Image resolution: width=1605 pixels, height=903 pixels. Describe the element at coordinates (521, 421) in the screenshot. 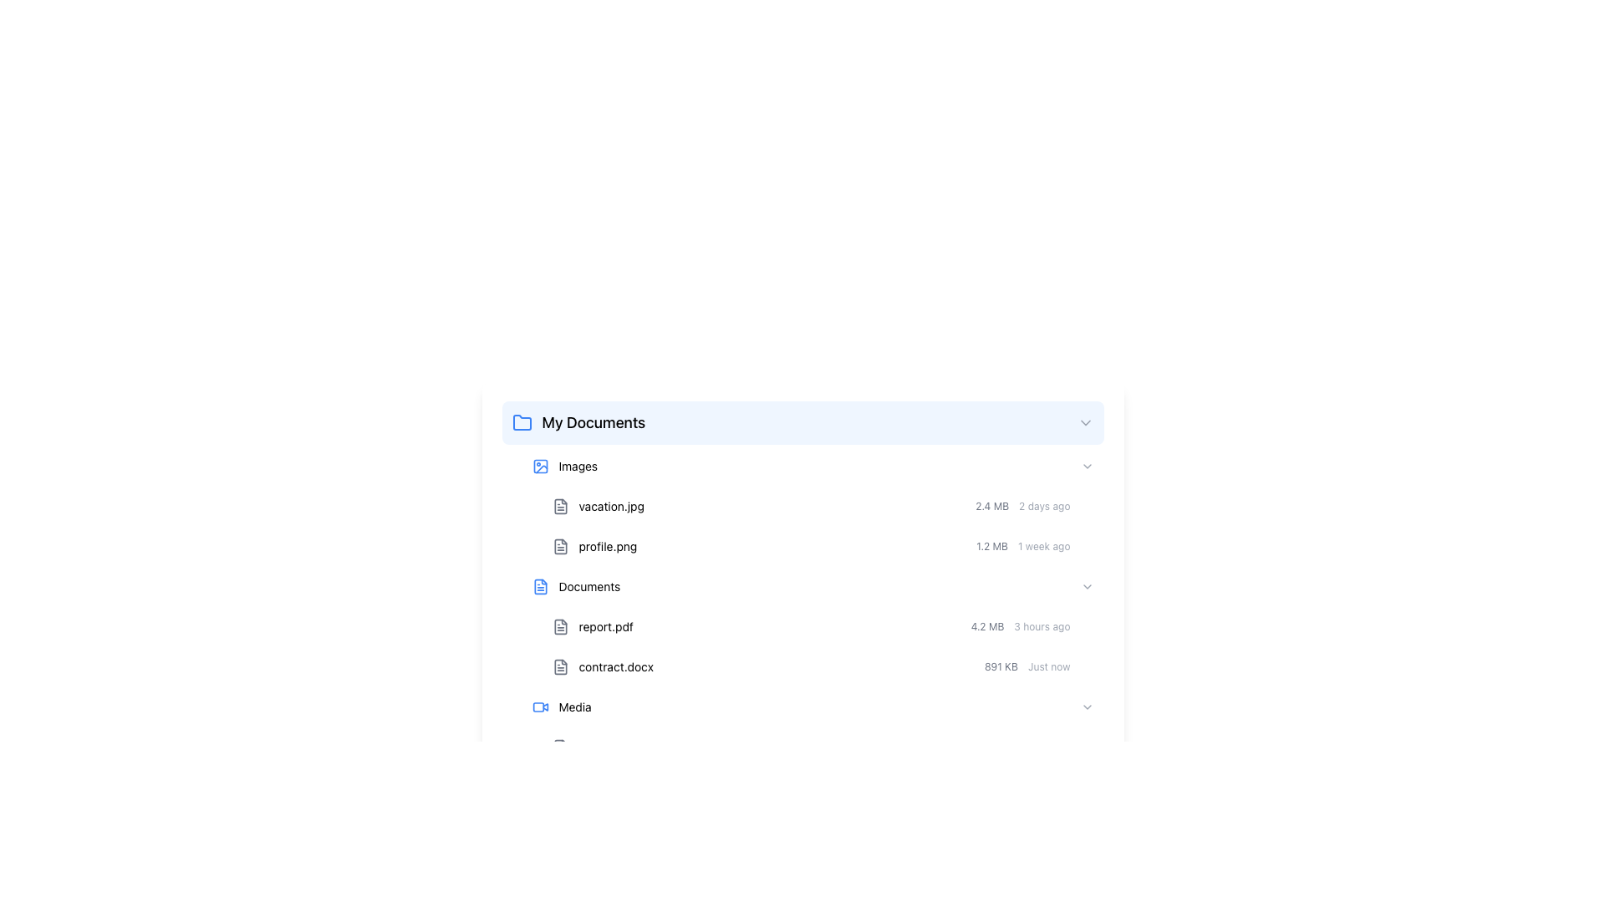

I see `the blue folder icon with rounded edges` at that location.